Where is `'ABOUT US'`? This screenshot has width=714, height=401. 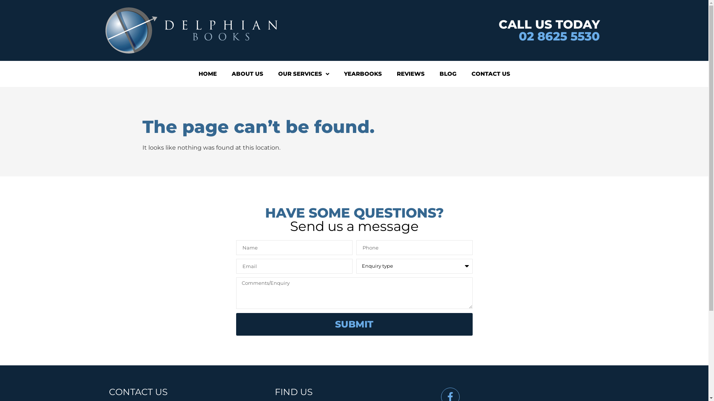 'ABOUT US' is located at coordinates (247, 74).